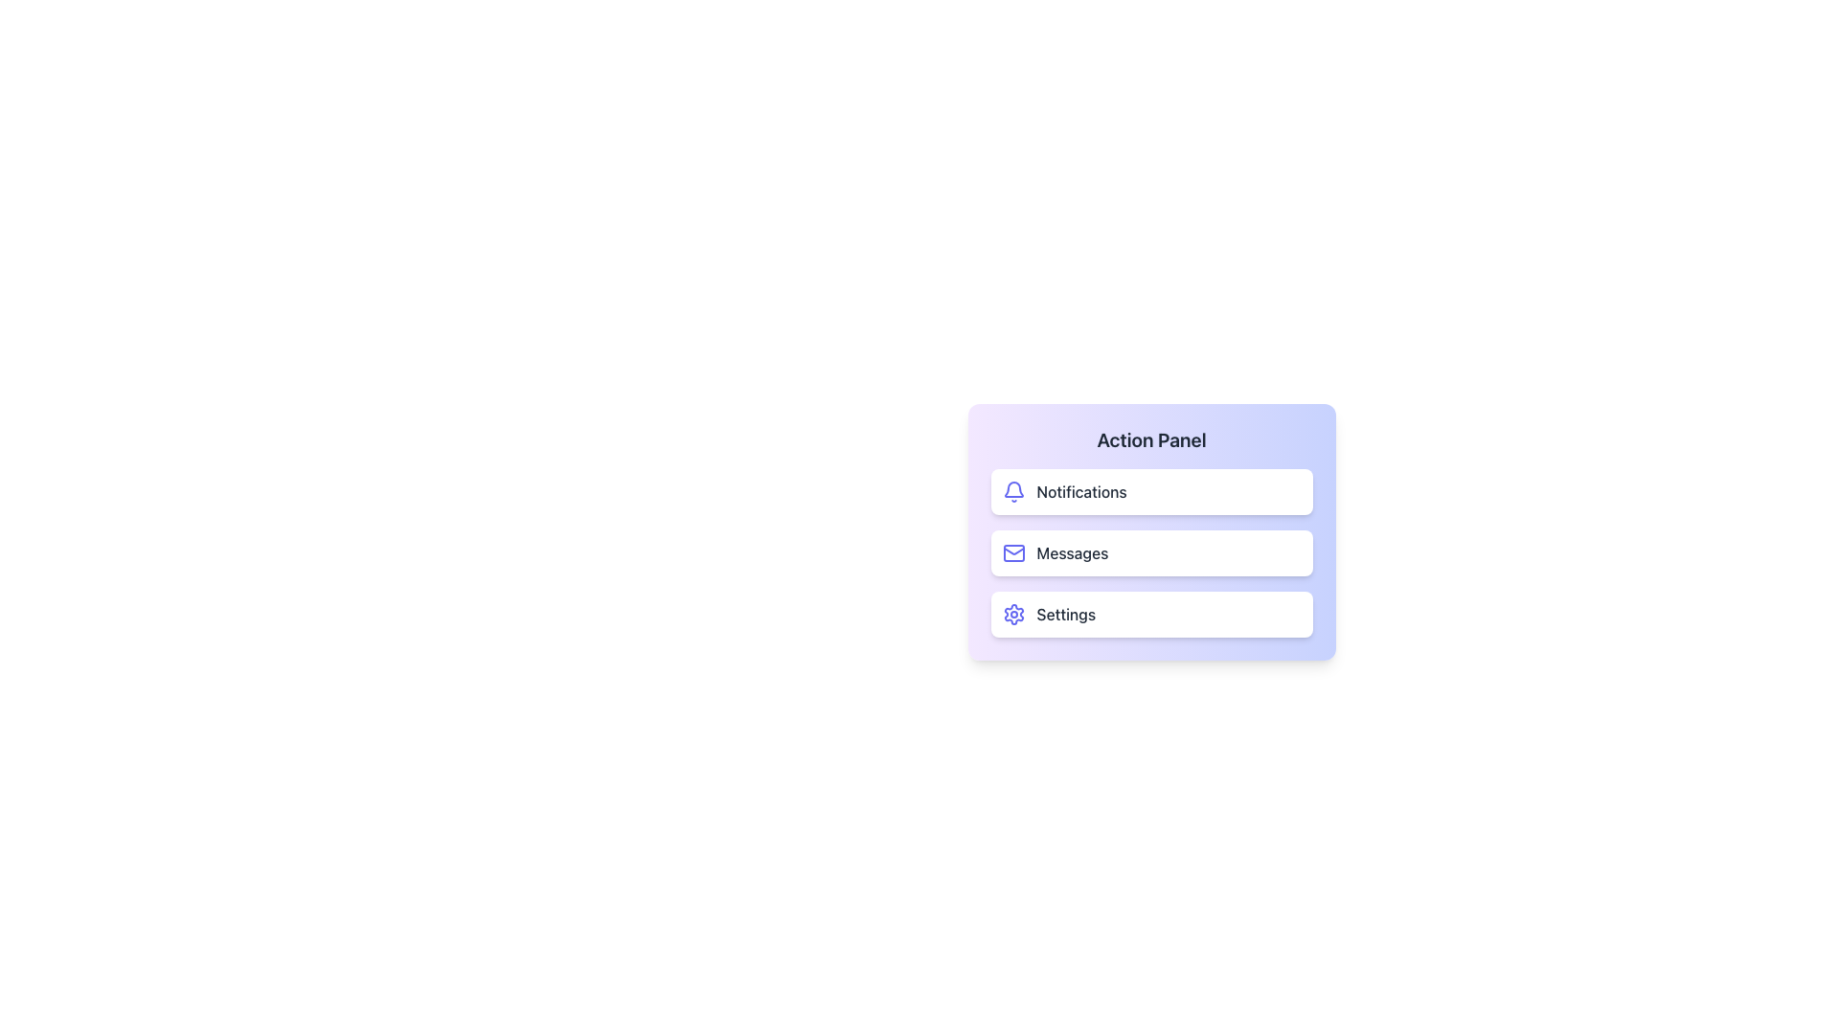  Describe the element at coordinates (1065, 614) in the screenshot. I see `the 'Settings' label, which is a medium font weight gray text located at the bottom of the action panel, below 'Messages' and to the right of the gear icon, to associate it with the settings button` at that location.